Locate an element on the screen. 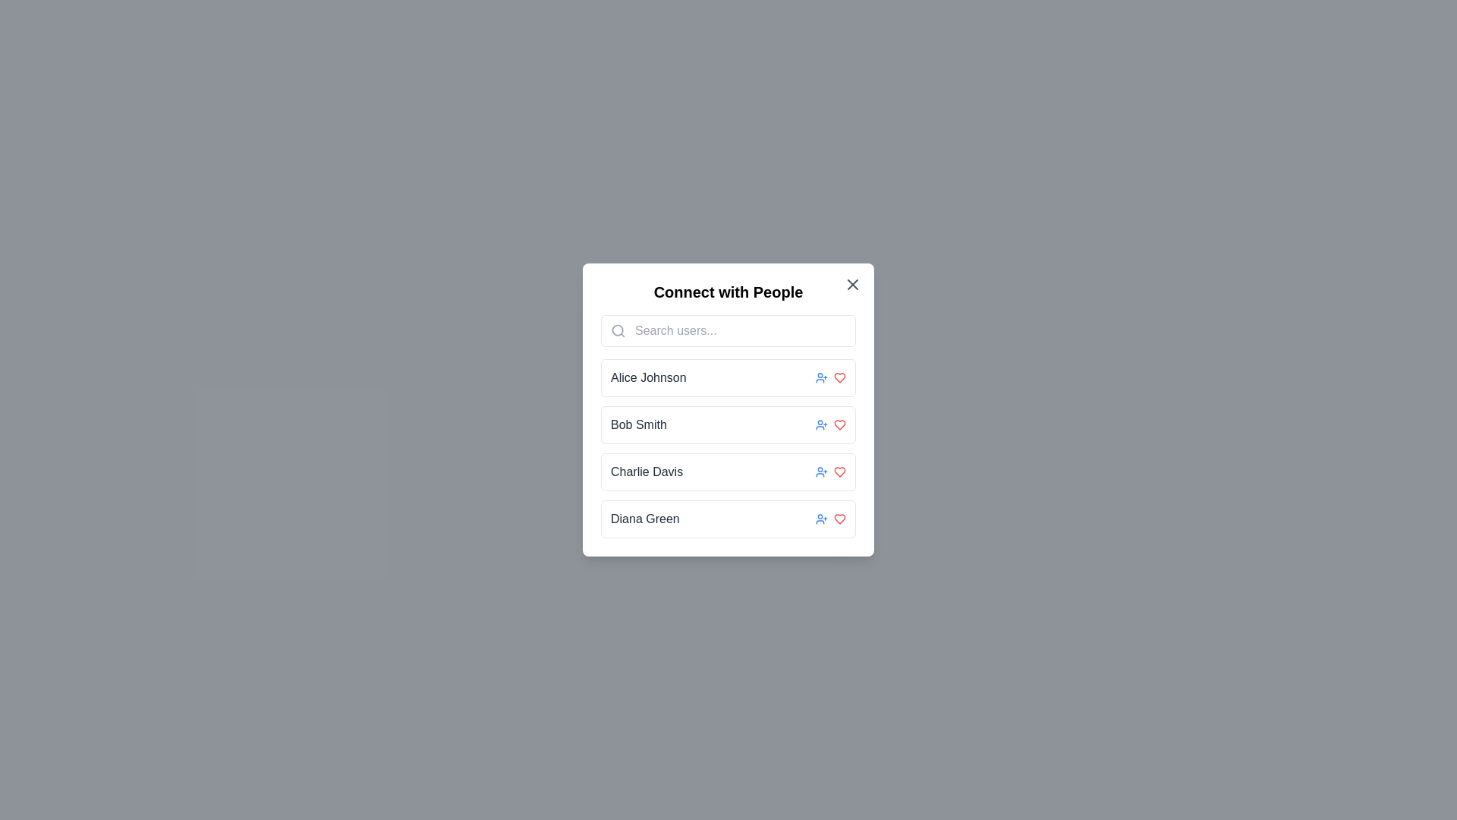 This screenshot has height=820, width=1457. the user icon located to the right of 'Alice Johnson' in the first row to initiate a connection request is located at coordinates (829, 377).